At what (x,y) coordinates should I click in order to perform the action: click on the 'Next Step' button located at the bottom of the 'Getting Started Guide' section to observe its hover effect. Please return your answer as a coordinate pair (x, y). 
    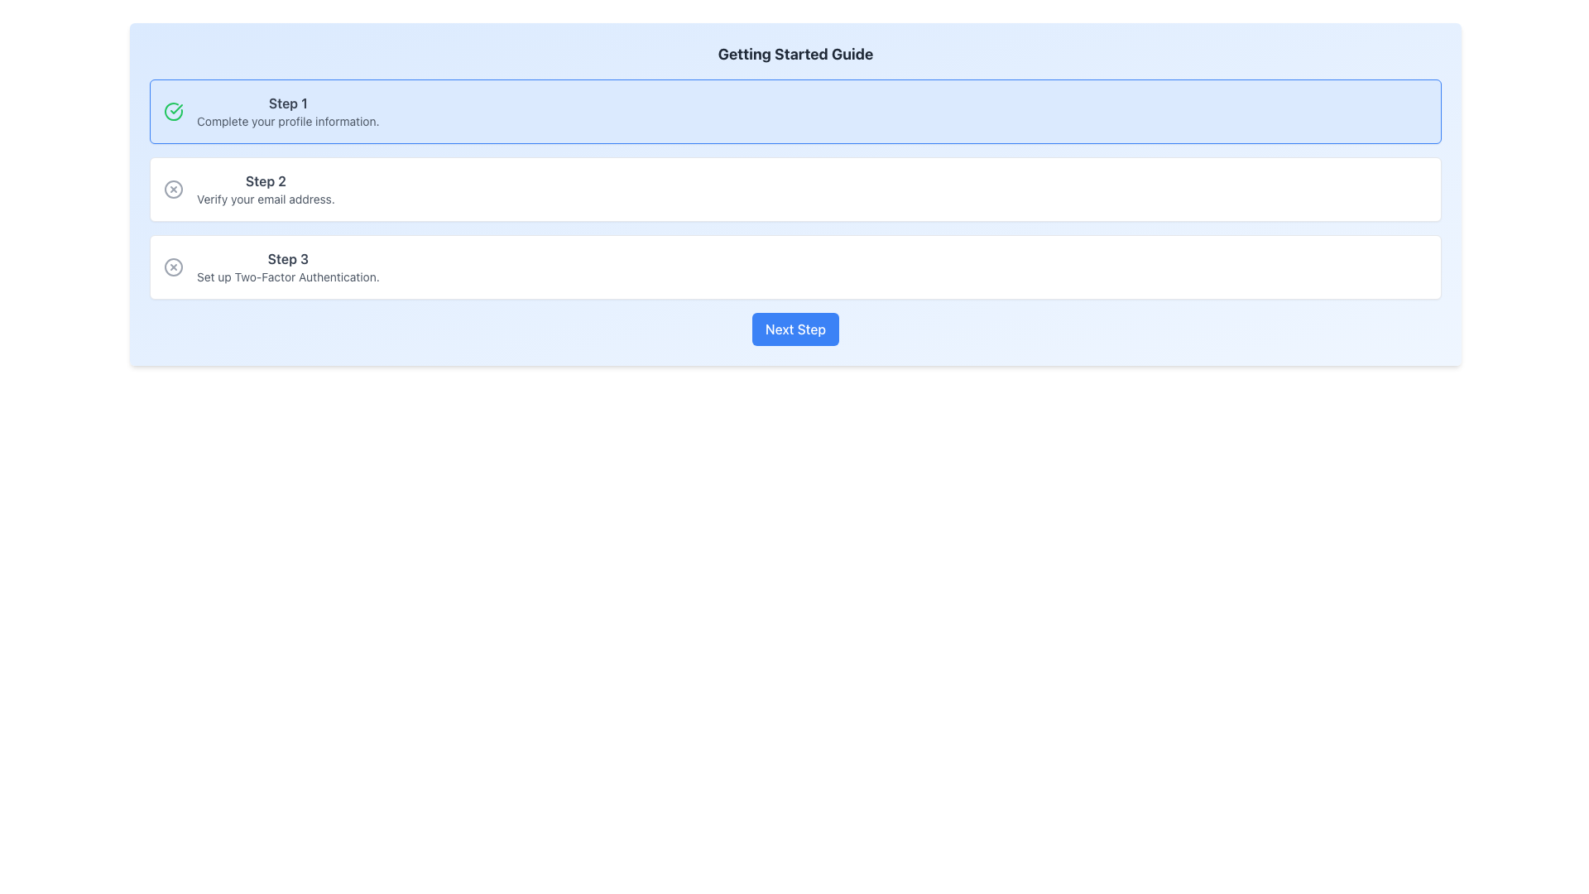
    Looking at the image, I should click on (795, 329).